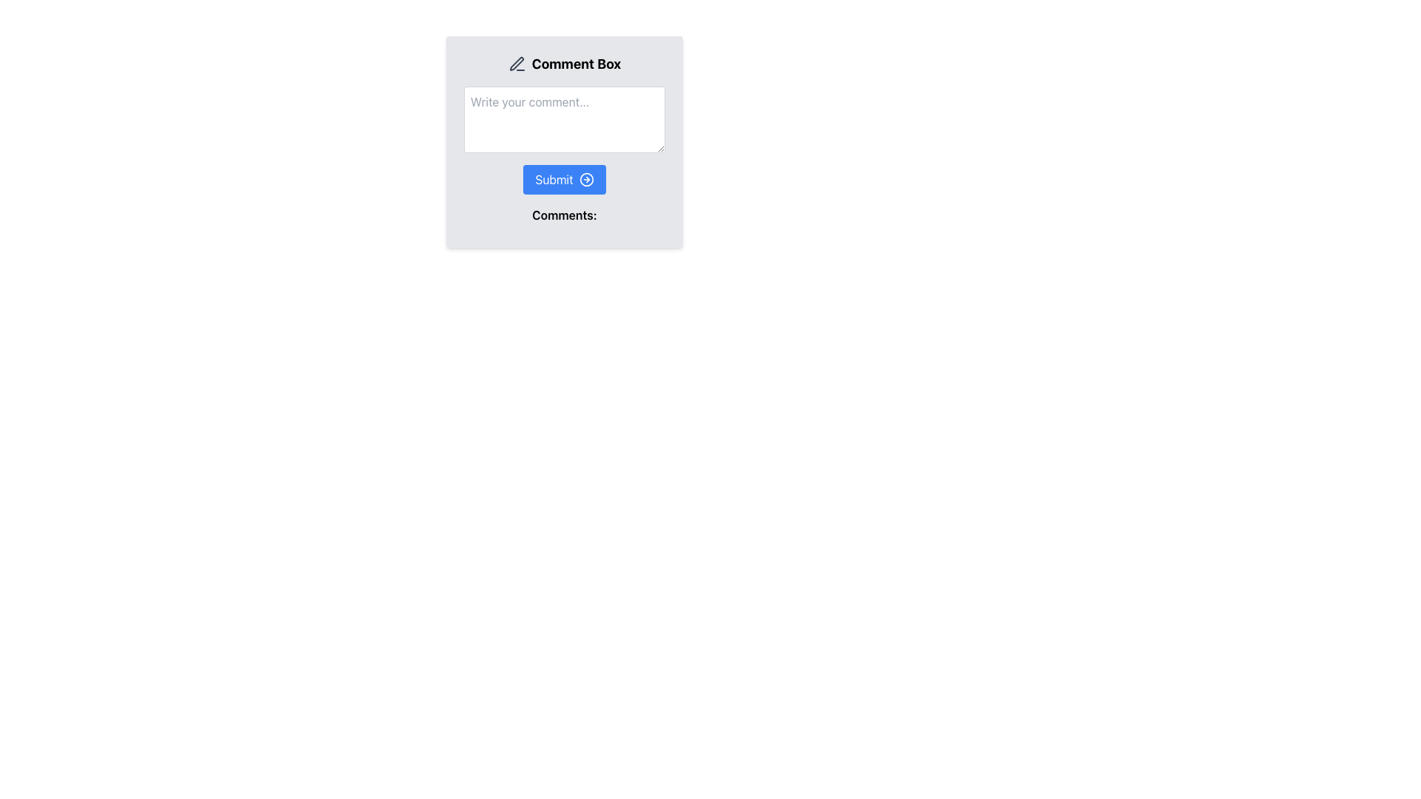  What do you see at coordinates (564, 179) in the screenshot?
I see `the 'Submit' button with rounded edges that has a blue background and white text` at bounding box center [564, 179].